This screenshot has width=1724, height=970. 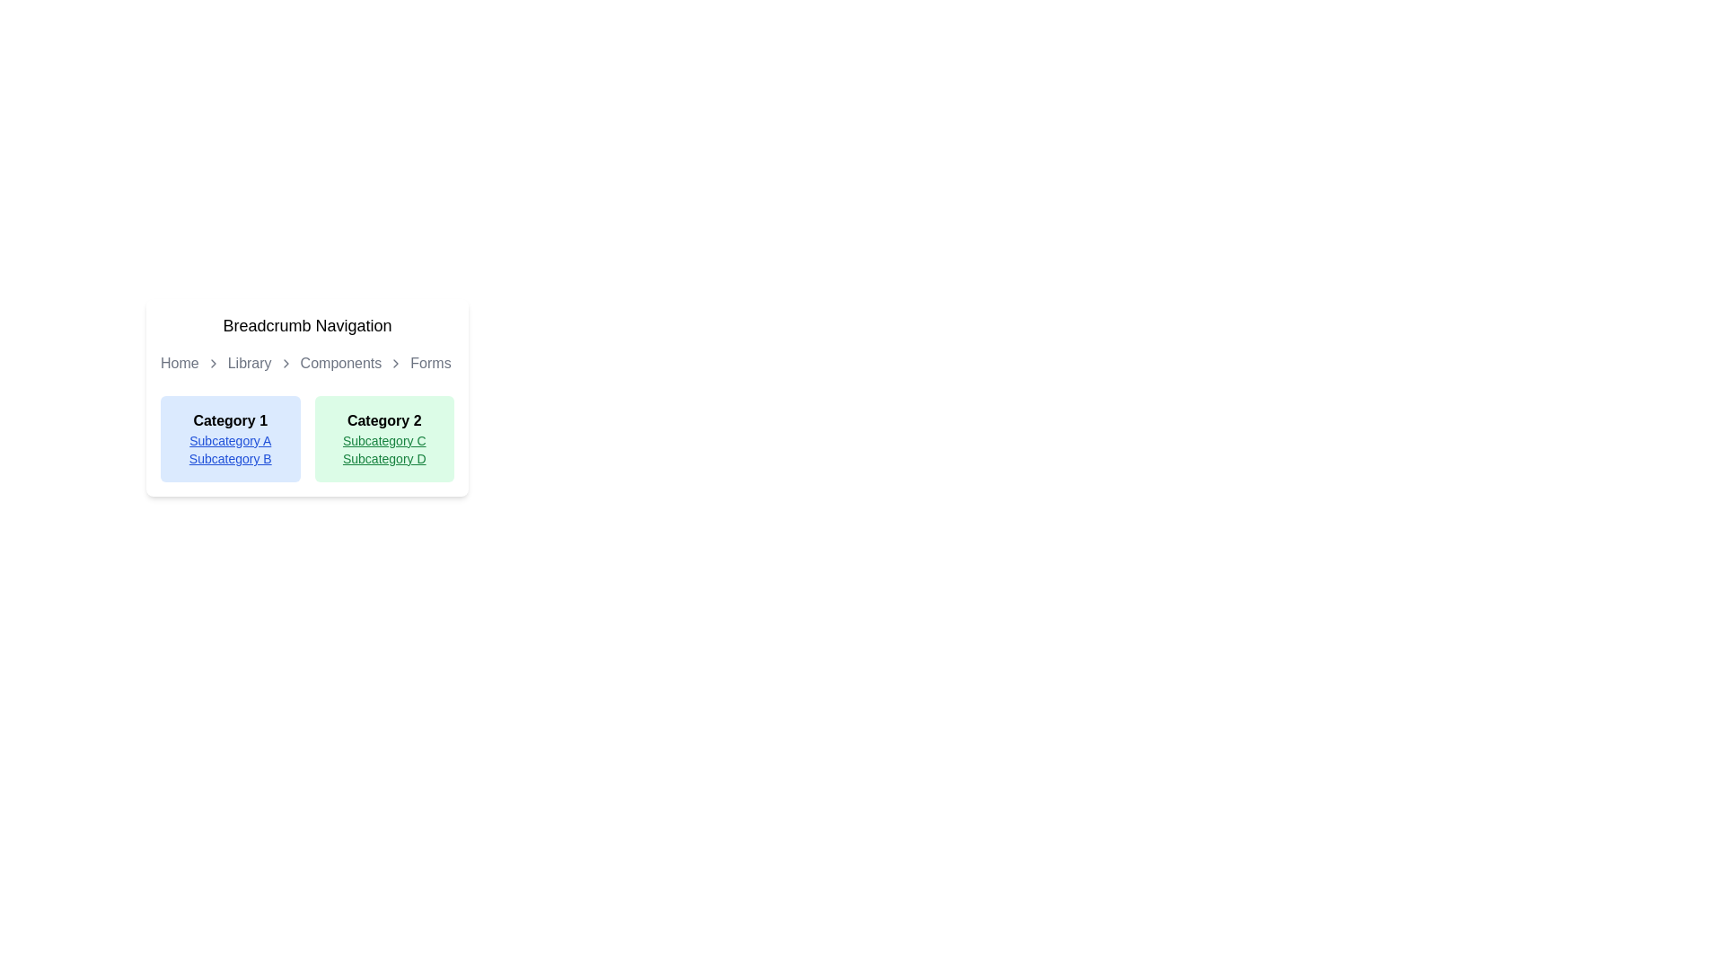 I want to click on the text label located at the top-central area of the blue rectangular box, which serves as a title for the subcategories below it, so click(x=229, y=421).